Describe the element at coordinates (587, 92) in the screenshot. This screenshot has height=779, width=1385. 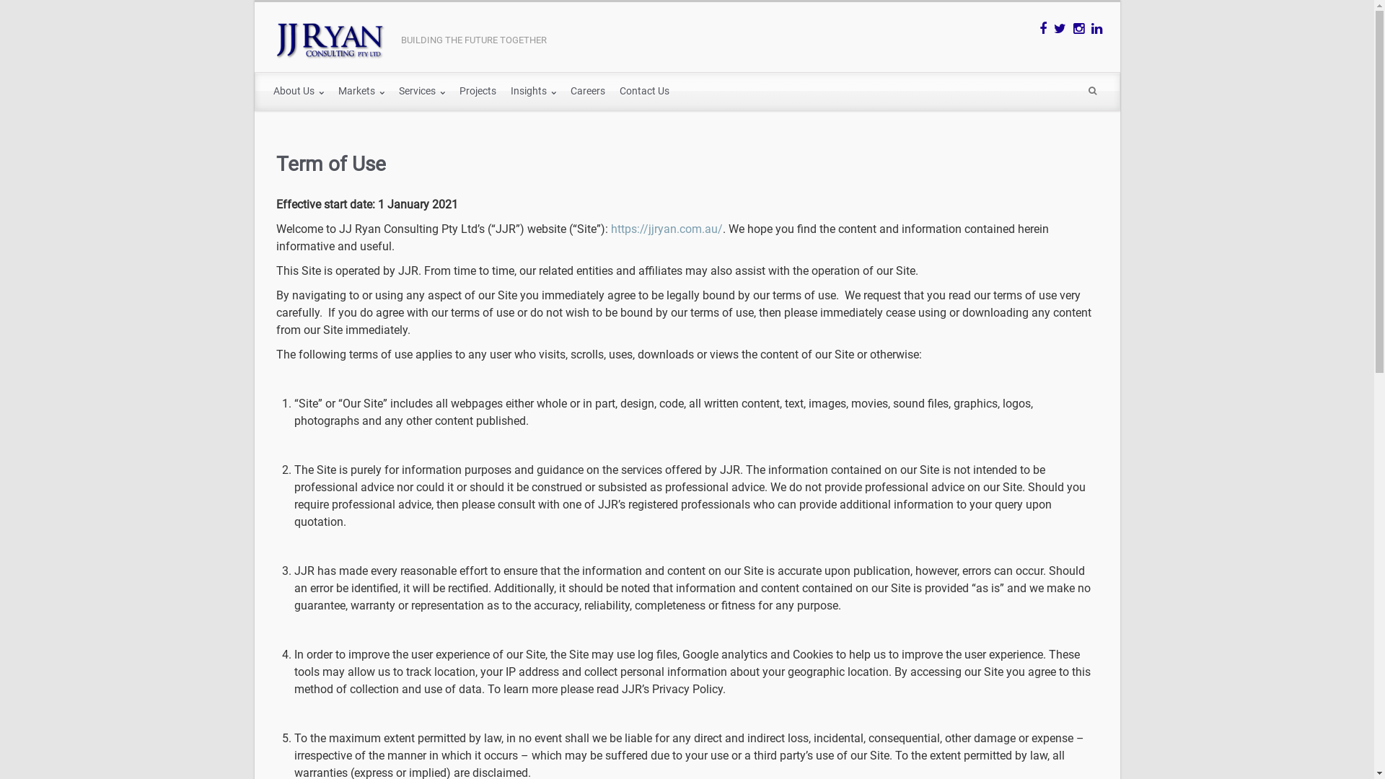
I see `'Careers'` at that location.